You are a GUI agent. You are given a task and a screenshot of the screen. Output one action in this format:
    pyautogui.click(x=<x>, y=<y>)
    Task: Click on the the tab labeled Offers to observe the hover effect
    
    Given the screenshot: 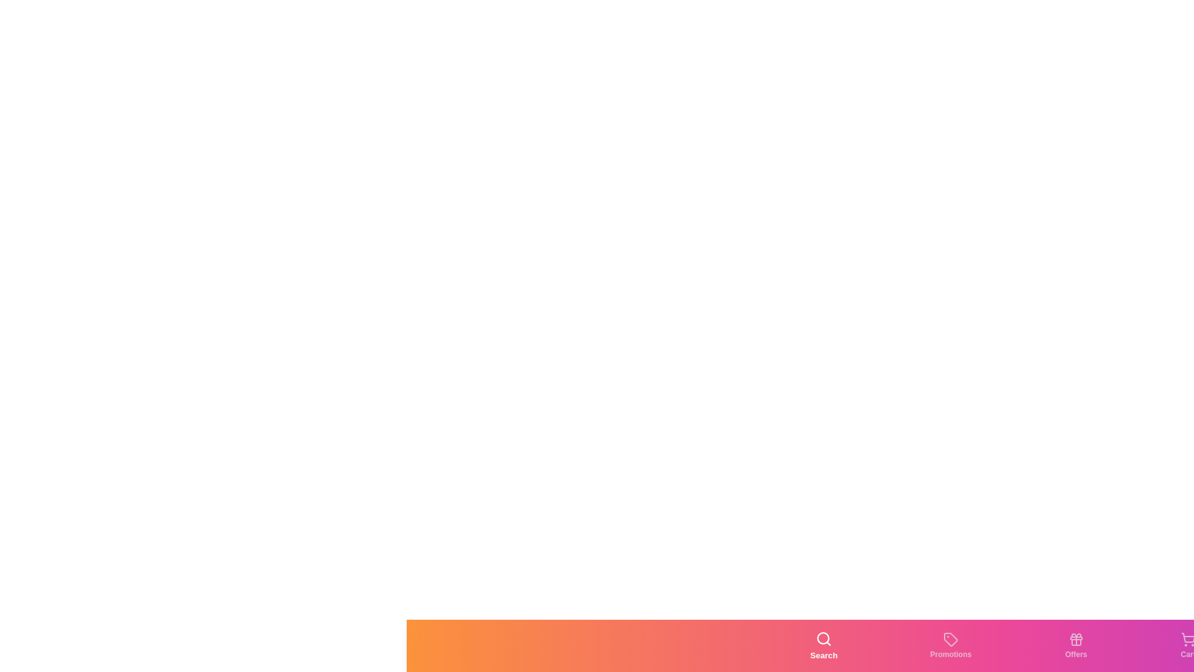 What is the action you would take?
    pyautogui.click(x=1075, y=645)
    